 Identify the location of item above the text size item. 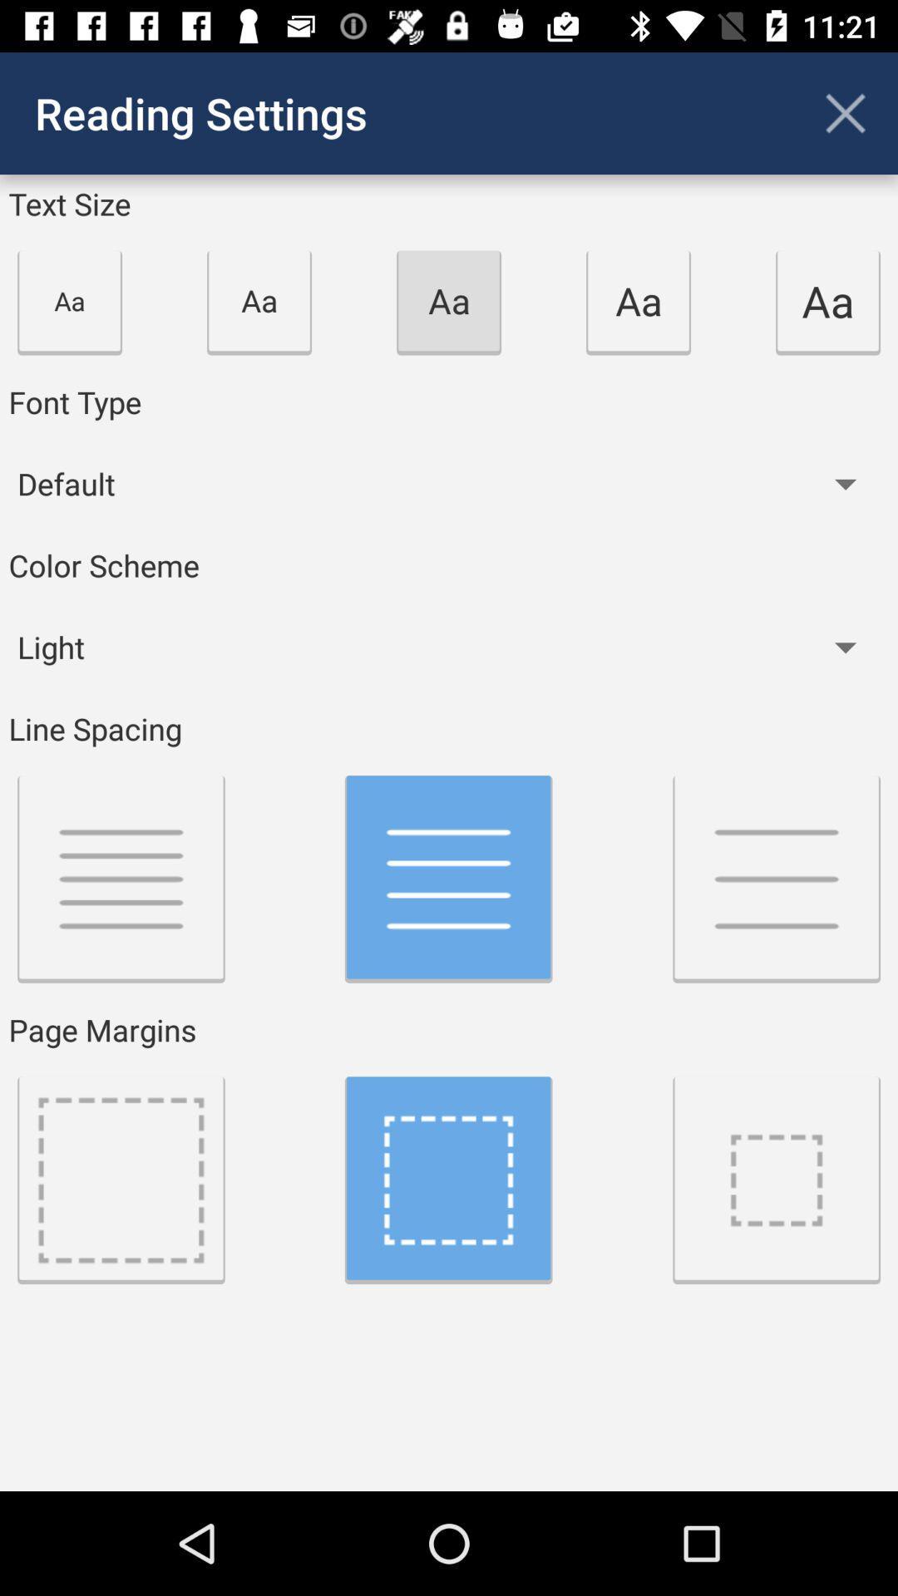
(846, 112).